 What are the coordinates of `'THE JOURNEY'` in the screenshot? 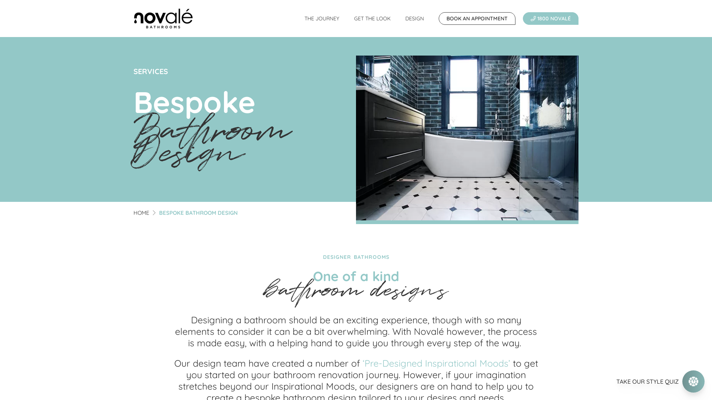 It's located at (322, 18).